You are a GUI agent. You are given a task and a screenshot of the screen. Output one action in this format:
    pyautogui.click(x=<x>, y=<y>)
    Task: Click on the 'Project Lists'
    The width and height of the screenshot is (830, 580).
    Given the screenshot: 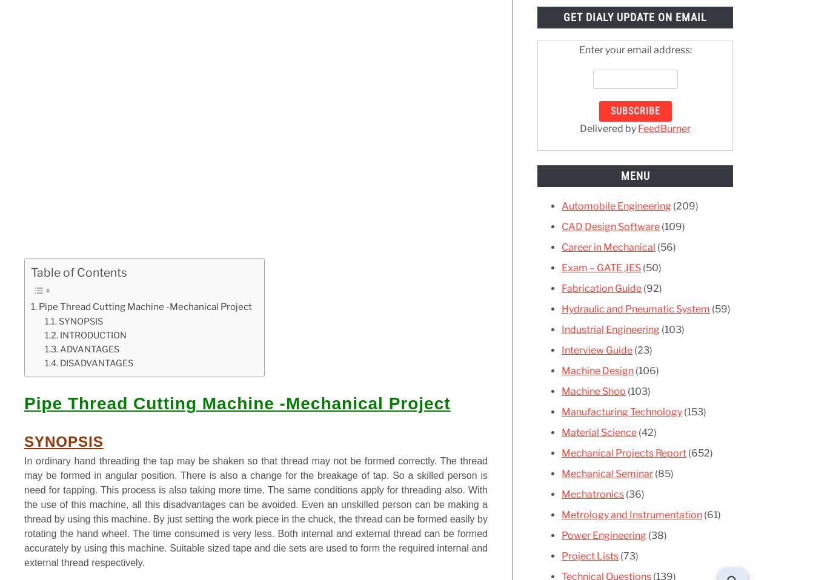 What is the action you would take?
    pyautogui.click(x=589, y=555)
    